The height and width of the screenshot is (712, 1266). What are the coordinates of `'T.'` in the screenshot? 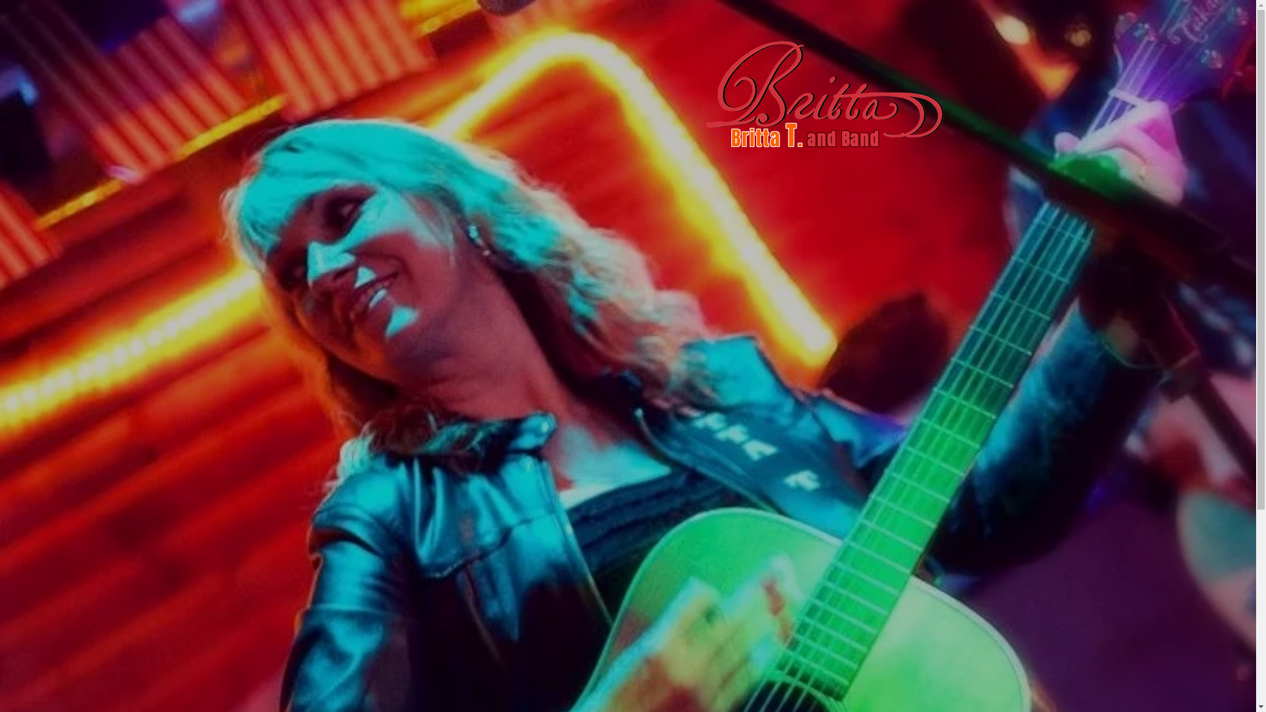 It's located at (793, 139).